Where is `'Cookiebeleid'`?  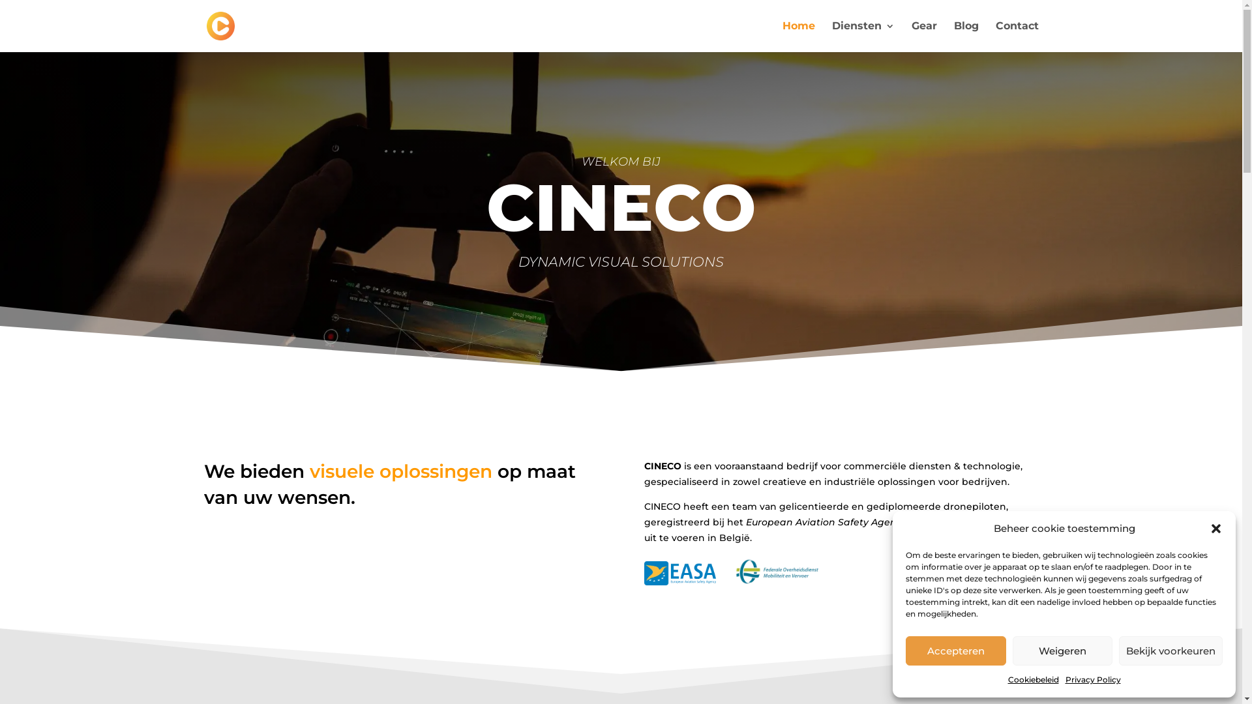
'Cookiebeleid' is located at coordinates (1032, 679).